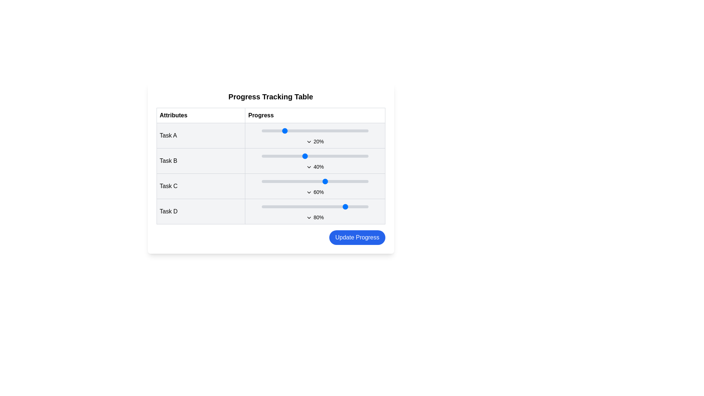 This screenshot has height=396, width=704. What do you see at coordinates (331, 131) in the screenshot?
I see `the slider value` at bounding box center [331, 131].